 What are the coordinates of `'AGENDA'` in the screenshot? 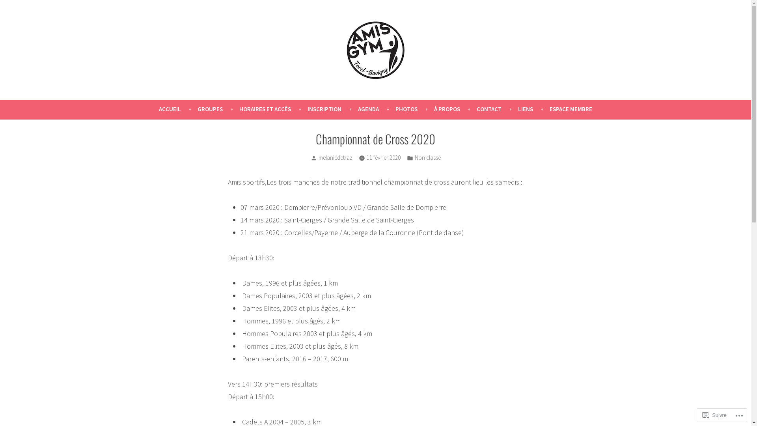 It's located at (376, 109).